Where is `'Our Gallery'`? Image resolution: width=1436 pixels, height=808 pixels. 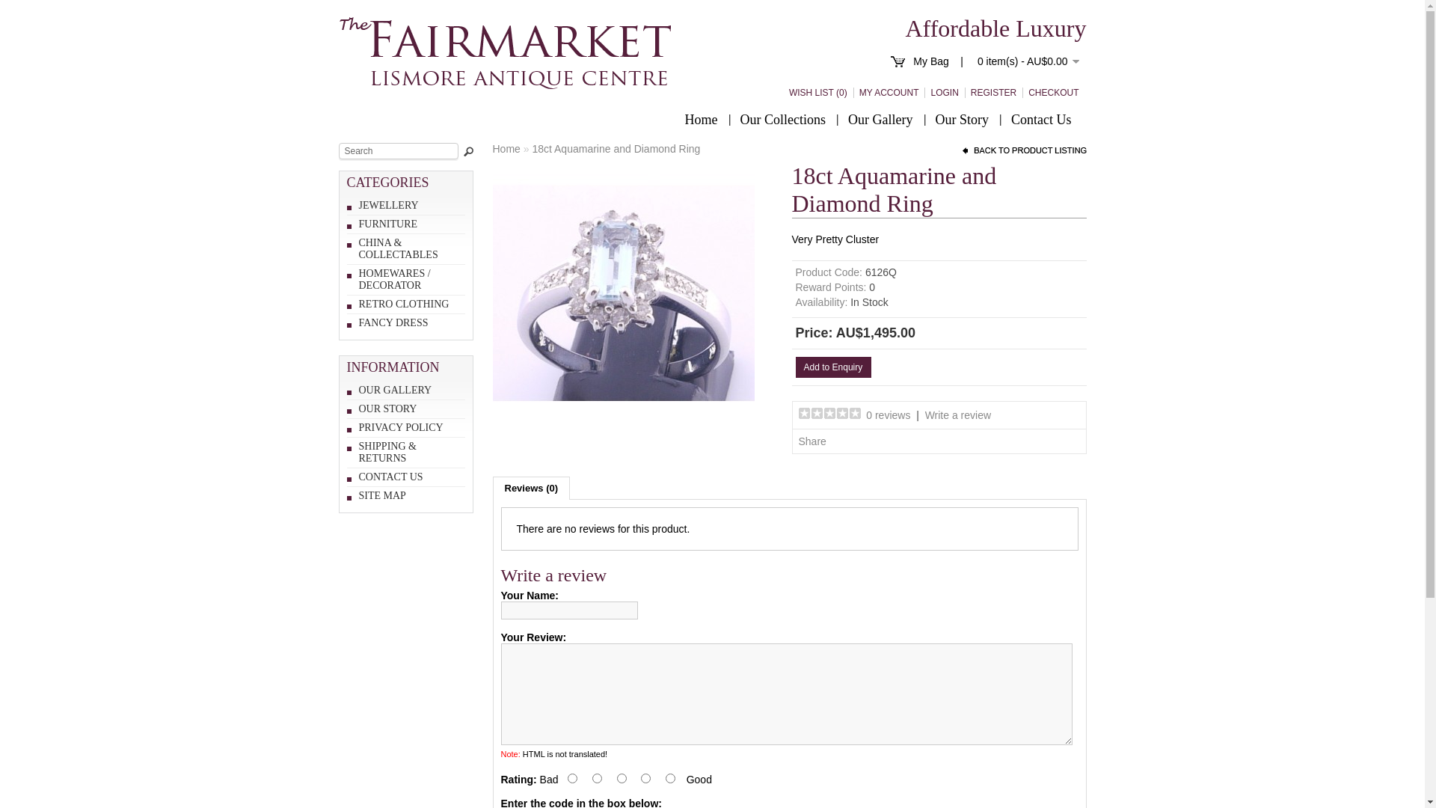 'Our Gallery' is located at coordinates (880, 118).